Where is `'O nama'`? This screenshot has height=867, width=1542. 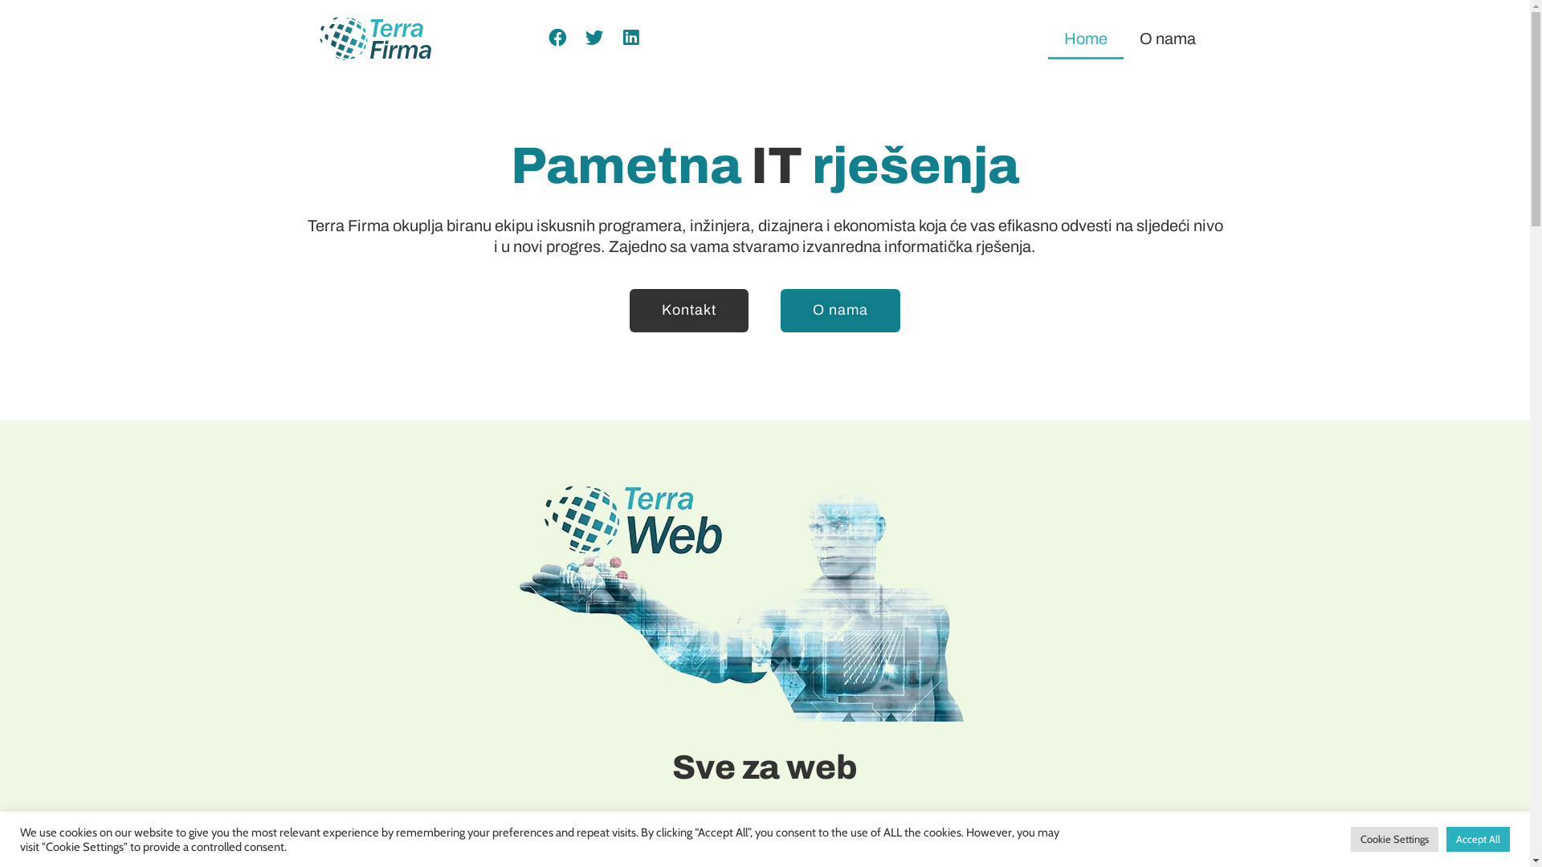 'O nama' is located at coordinates (839, 310).